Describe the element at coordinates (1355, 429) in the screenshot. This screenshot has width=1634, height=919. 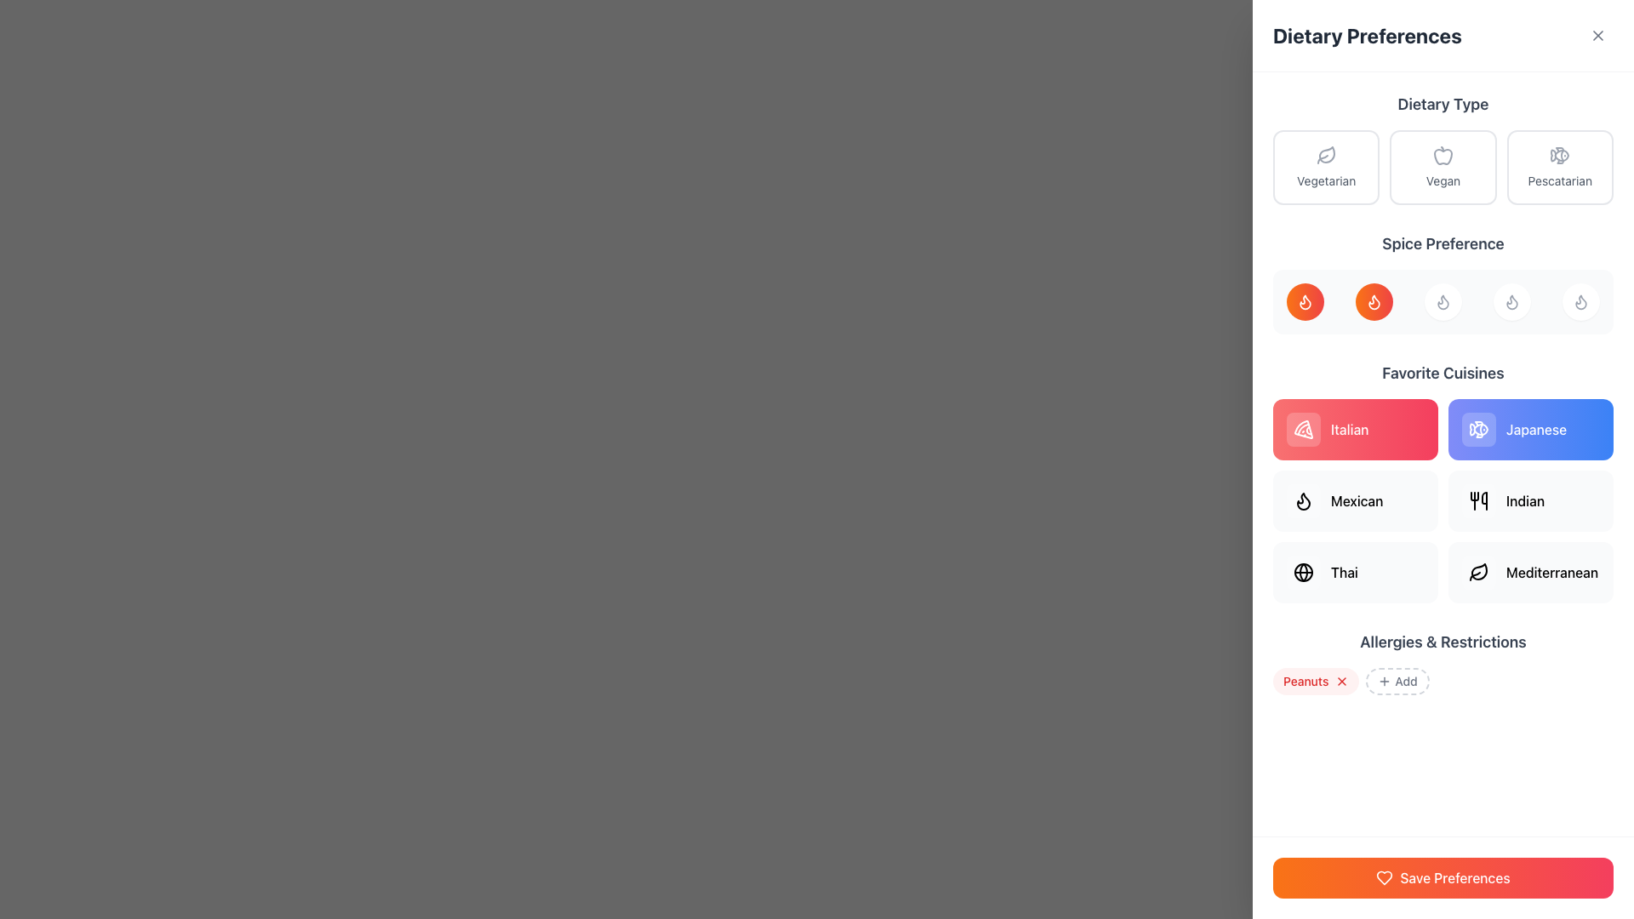
I see `the 'Italian' button in the 'Favorite Cuisines' section` at that location.